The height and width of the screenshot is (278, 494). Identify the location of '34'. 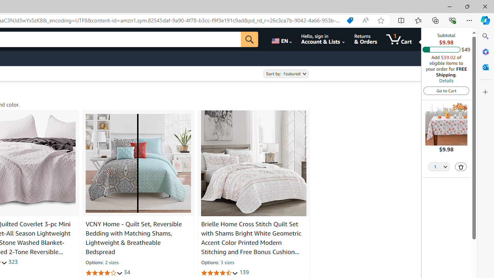
(127, 272).